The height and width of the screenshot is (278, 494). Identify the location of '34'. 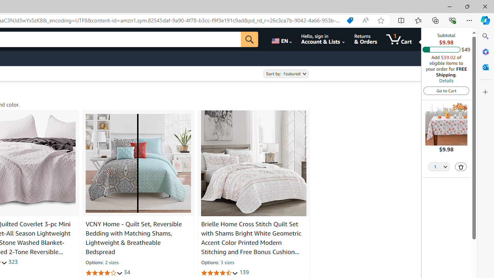
(127, 272).